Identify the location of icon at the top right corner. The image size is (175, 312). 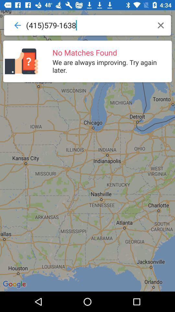
(160, 25).